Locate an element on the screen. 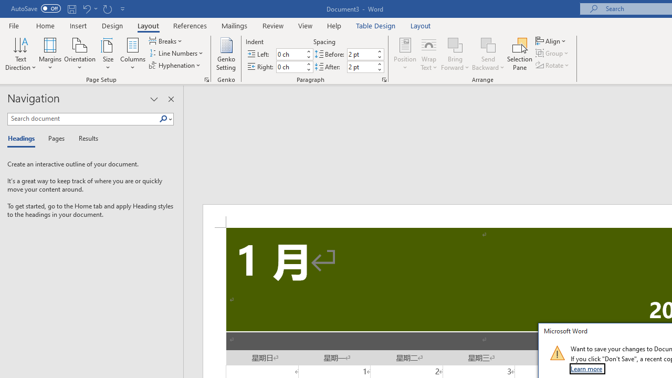 This screenshot has height=378, width=672. 'Genko Setting...' is located at coordinates (225, 54).